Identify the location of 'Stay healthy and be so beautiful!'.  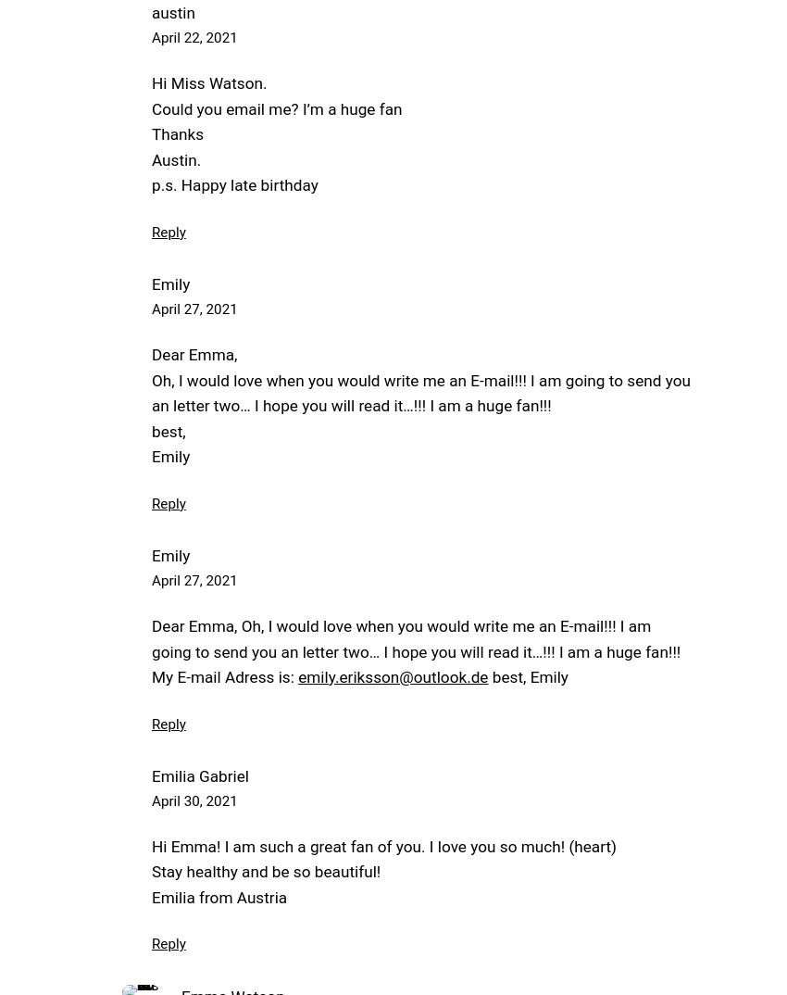
(265, 872).